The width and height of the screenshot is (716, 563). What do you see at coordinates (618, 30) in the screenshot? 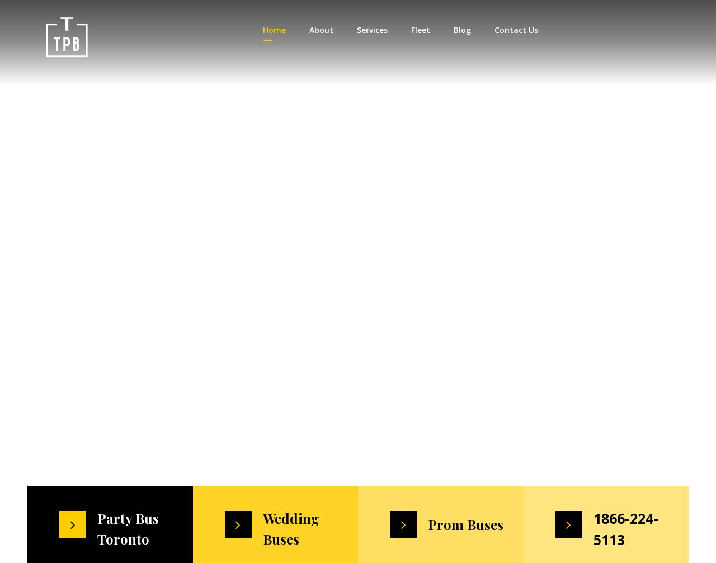
I see `'647-556-2392'` at bounding box center [618, 30].